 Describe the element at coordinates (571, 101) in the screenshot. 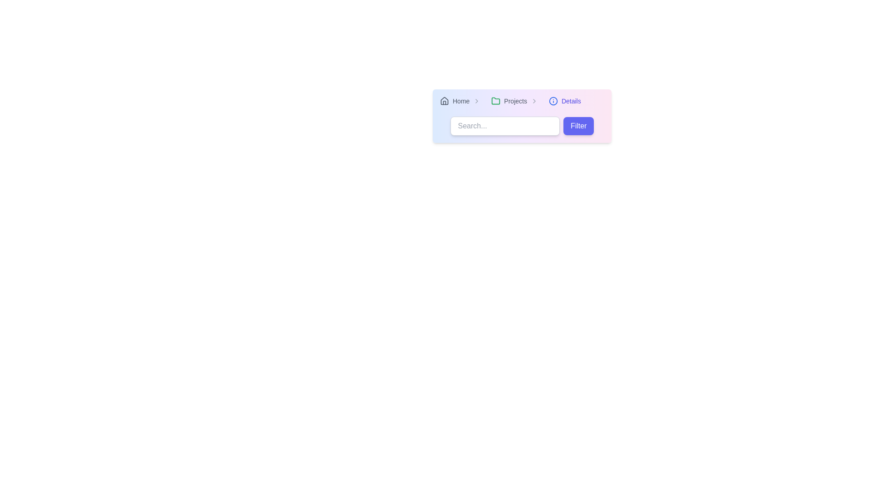

I see `the details presented by clicking on the Text Label located in the breadcrumbs navigation section, which follows an info icon` at that location.